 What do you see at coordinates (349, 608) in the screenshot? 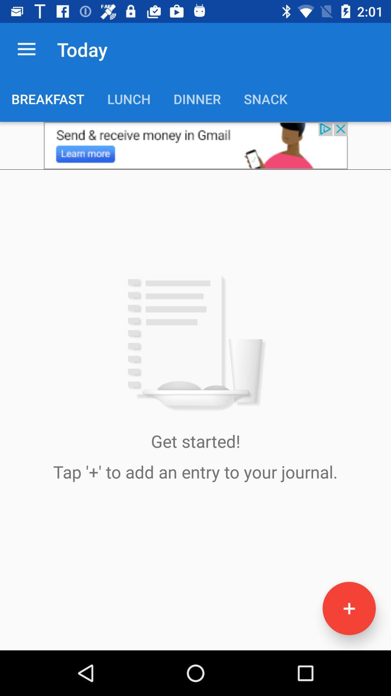
I see `item` at bounding box center [349, 608].